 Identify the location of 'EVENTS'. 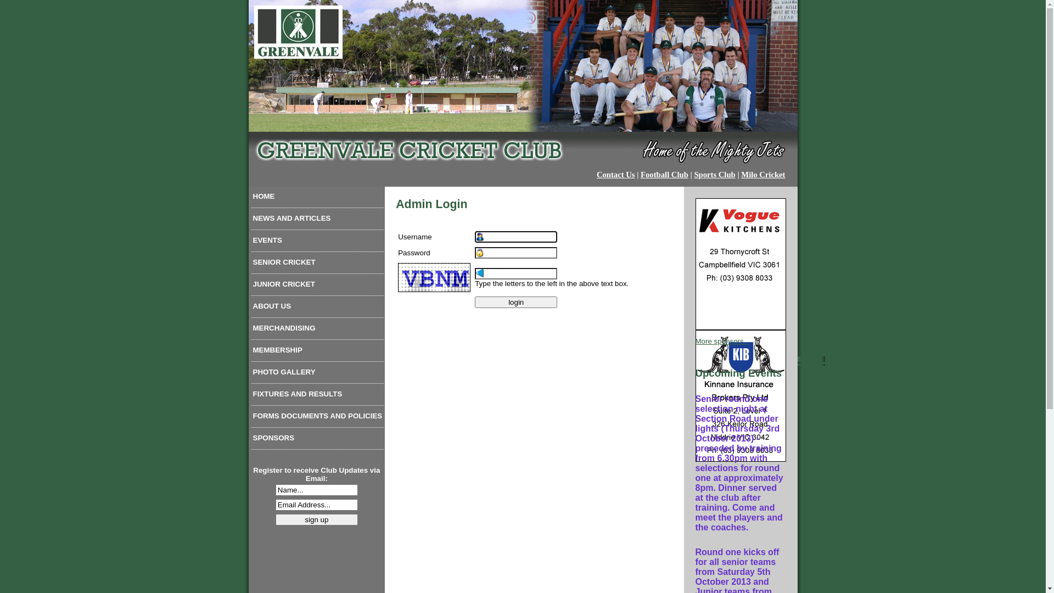
(317, 242).